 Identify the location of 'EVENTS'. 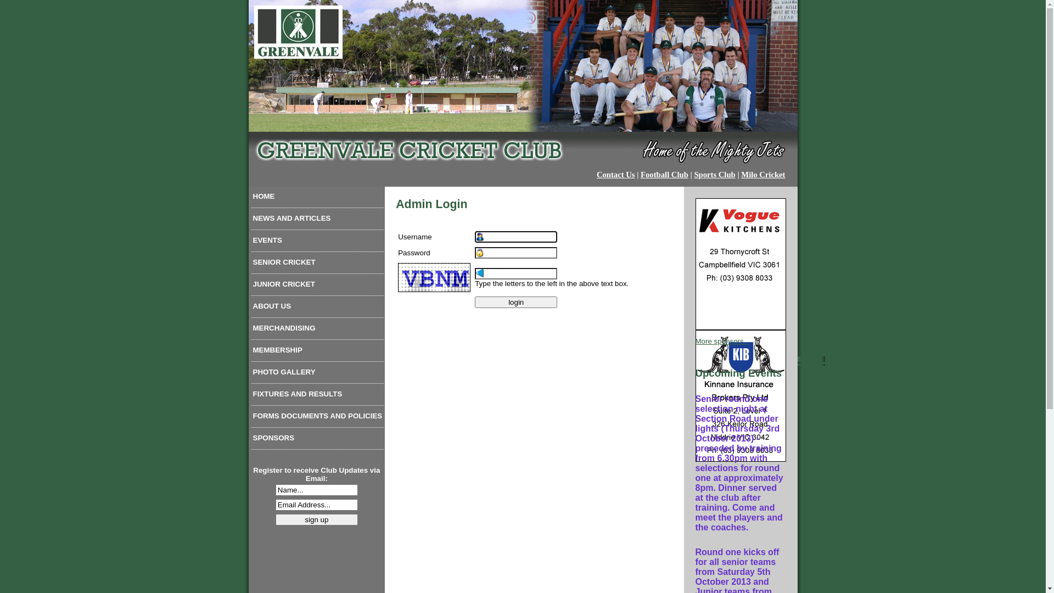
(317, 242).